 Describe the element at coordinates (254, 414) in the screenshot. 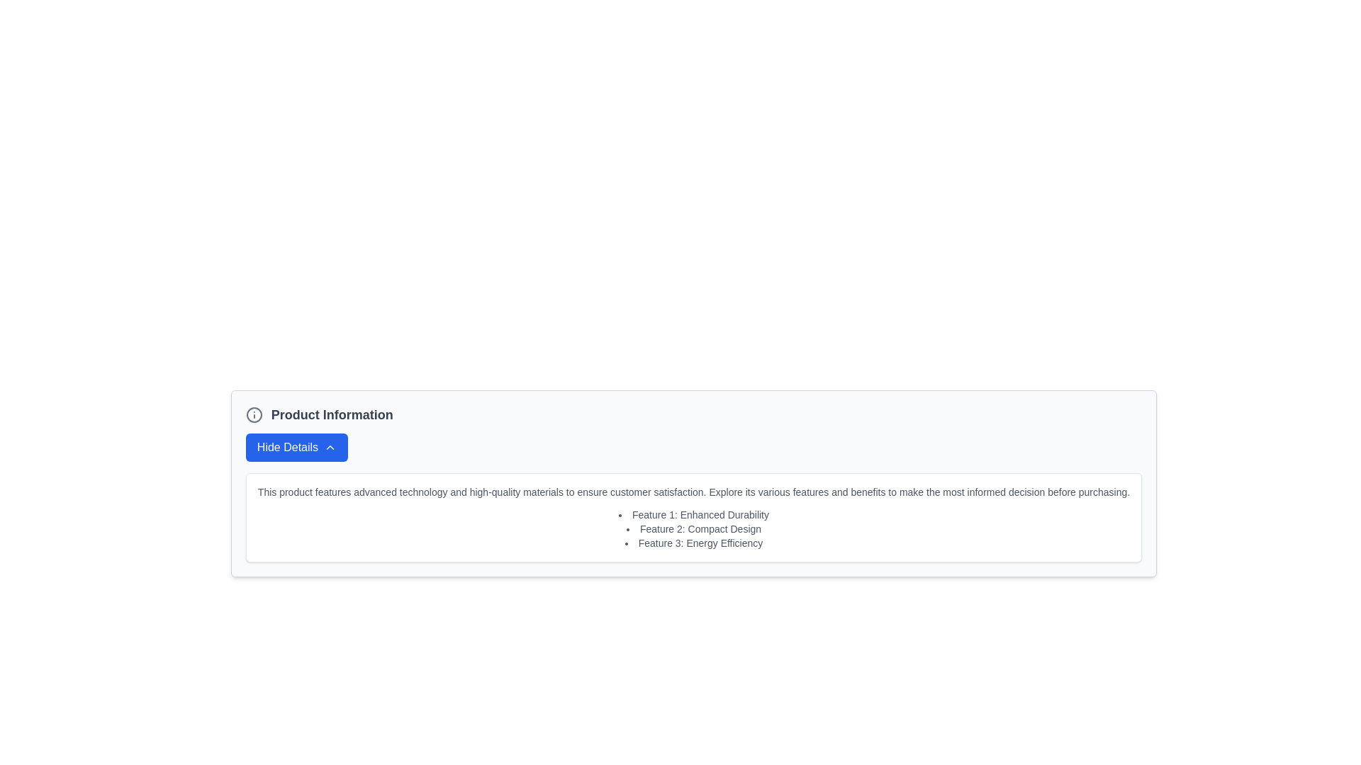

I see `the informational icon located to the left of the 'Product Information' text, which signals additional information about a product` at that location.